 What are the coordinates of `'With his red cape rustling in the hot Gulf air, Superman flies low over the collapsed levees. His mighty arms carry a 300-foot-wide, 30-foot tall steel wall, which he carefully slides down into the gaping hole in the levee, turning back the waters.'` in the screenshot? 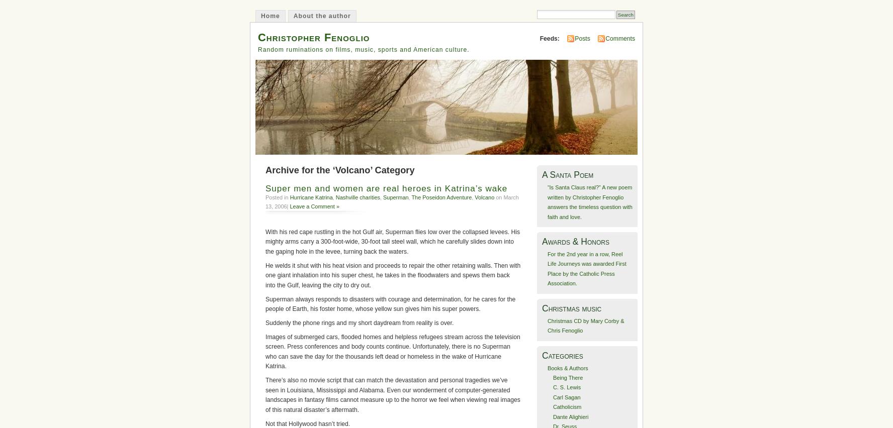 It's located at (265, 241).